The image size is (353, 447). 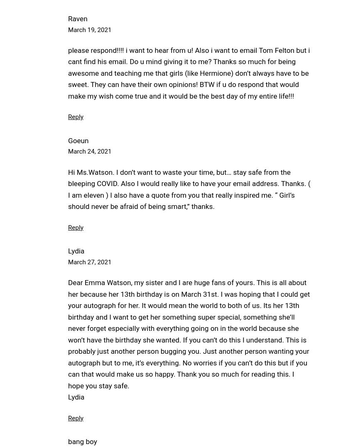 I want to click on 'Goeun', so click(x=68, y=140).